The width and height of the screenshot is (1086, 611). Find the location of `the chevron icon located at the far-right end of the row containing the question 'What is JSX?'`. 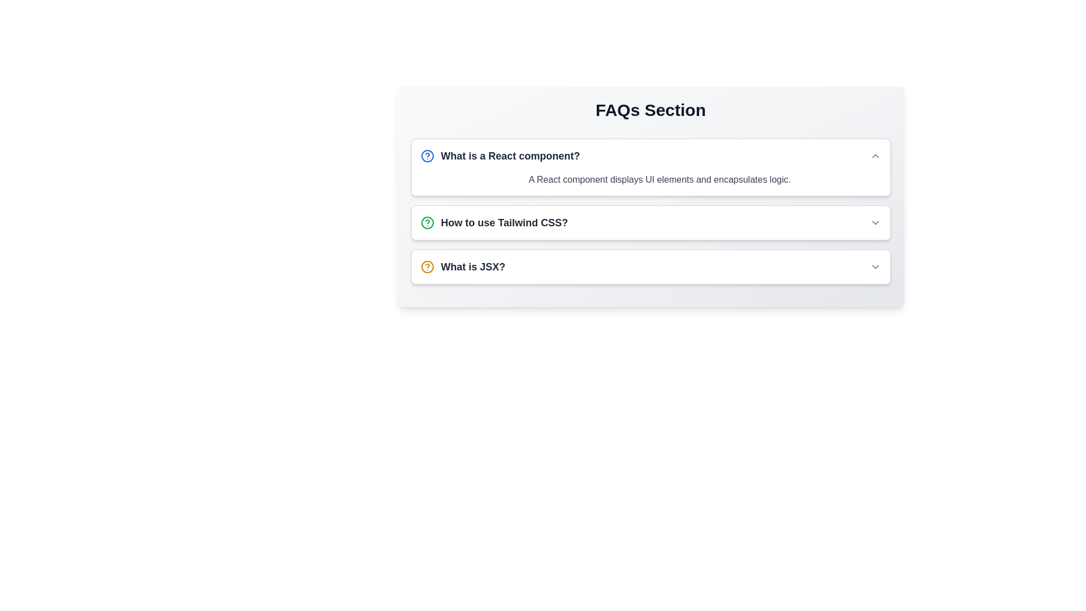

the chevron icon located at the far-right end of the row containing the question 'What is JSX?' is located at coordinates (874, 266).